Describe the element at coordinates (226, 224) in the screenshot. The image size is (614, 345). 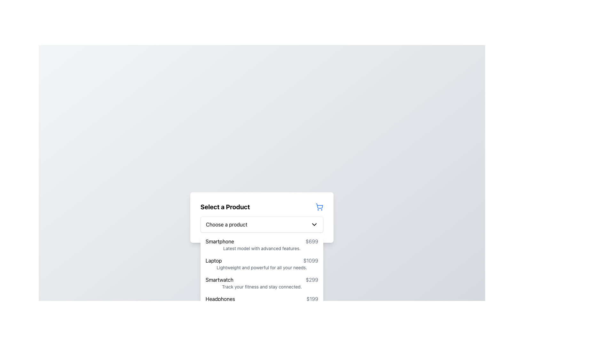
I see `the static placeholder text within the dropdown menu that prompts the user to select a product, located below the title 'Select a Product' and to the left of the downwards arrow icon` at that location.